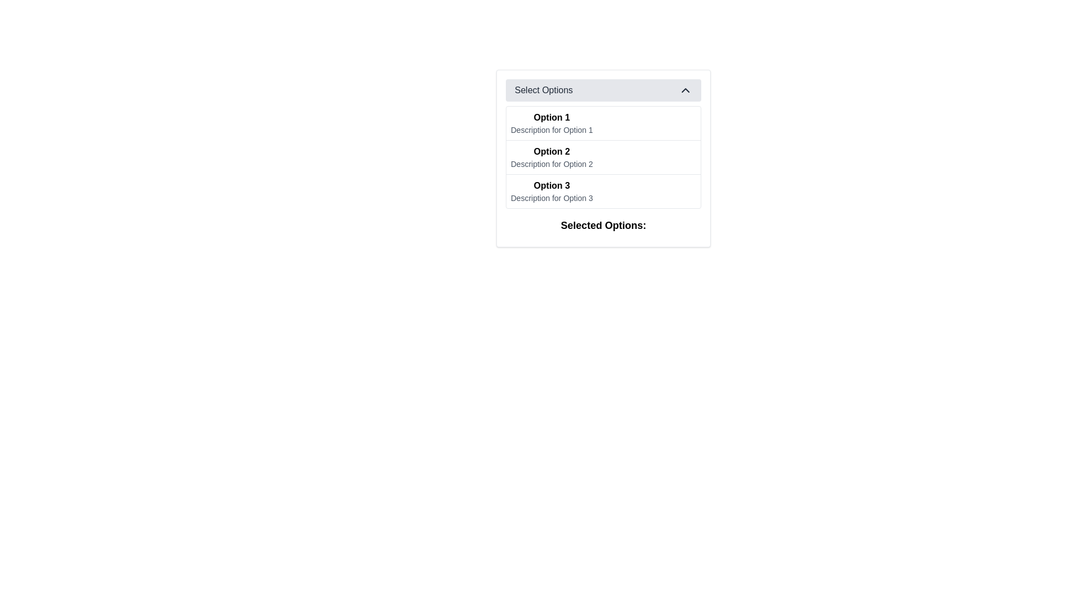 This screenshot has height=603, width=1072. Describe the element at coordinates (602, 190) in the screenshot. I see `the selectable list item labeled 'Option 3' which is the third item in a vertically stacked list of options` at that location.